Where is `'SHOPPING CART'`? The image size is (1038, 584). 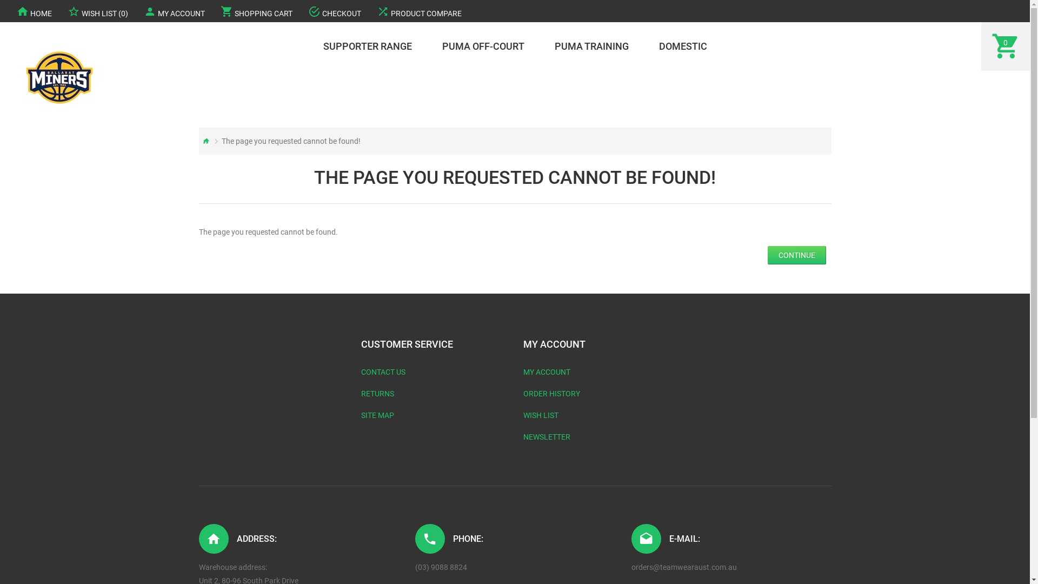 'SHOPPING CART' is located at coordinates (256, 11).